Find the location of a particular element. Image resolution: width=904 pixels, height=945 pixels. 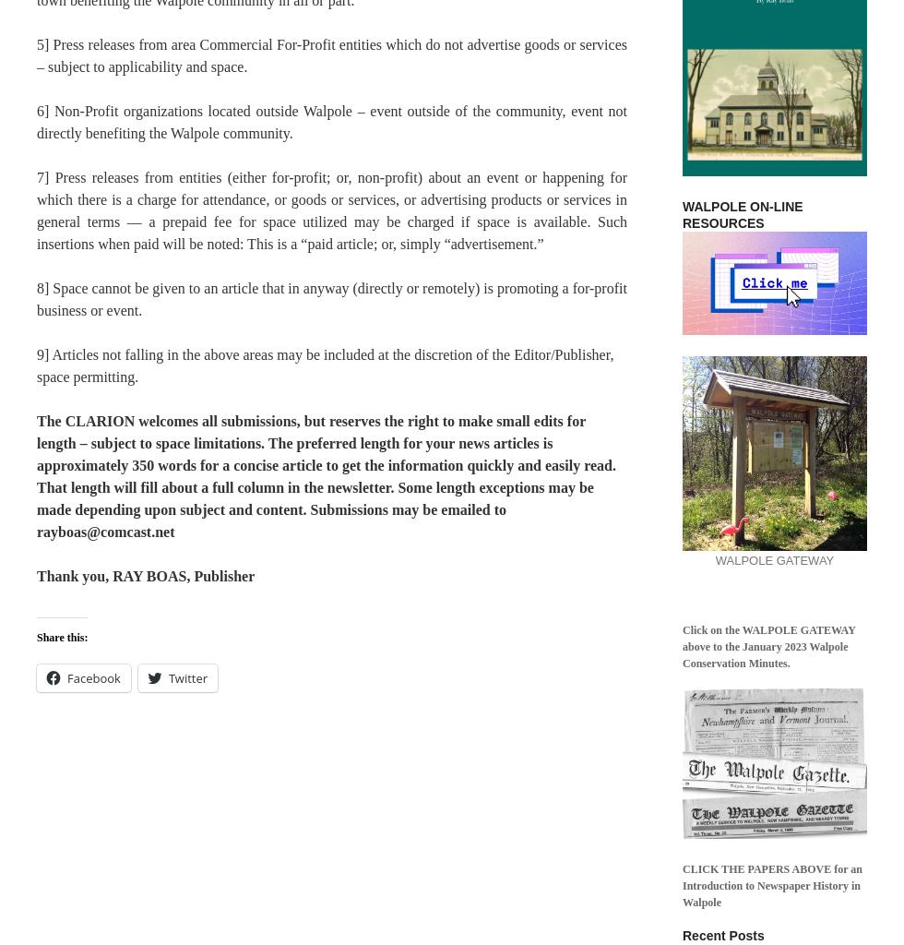

'Twitter' is located at coordinates (167, 677).